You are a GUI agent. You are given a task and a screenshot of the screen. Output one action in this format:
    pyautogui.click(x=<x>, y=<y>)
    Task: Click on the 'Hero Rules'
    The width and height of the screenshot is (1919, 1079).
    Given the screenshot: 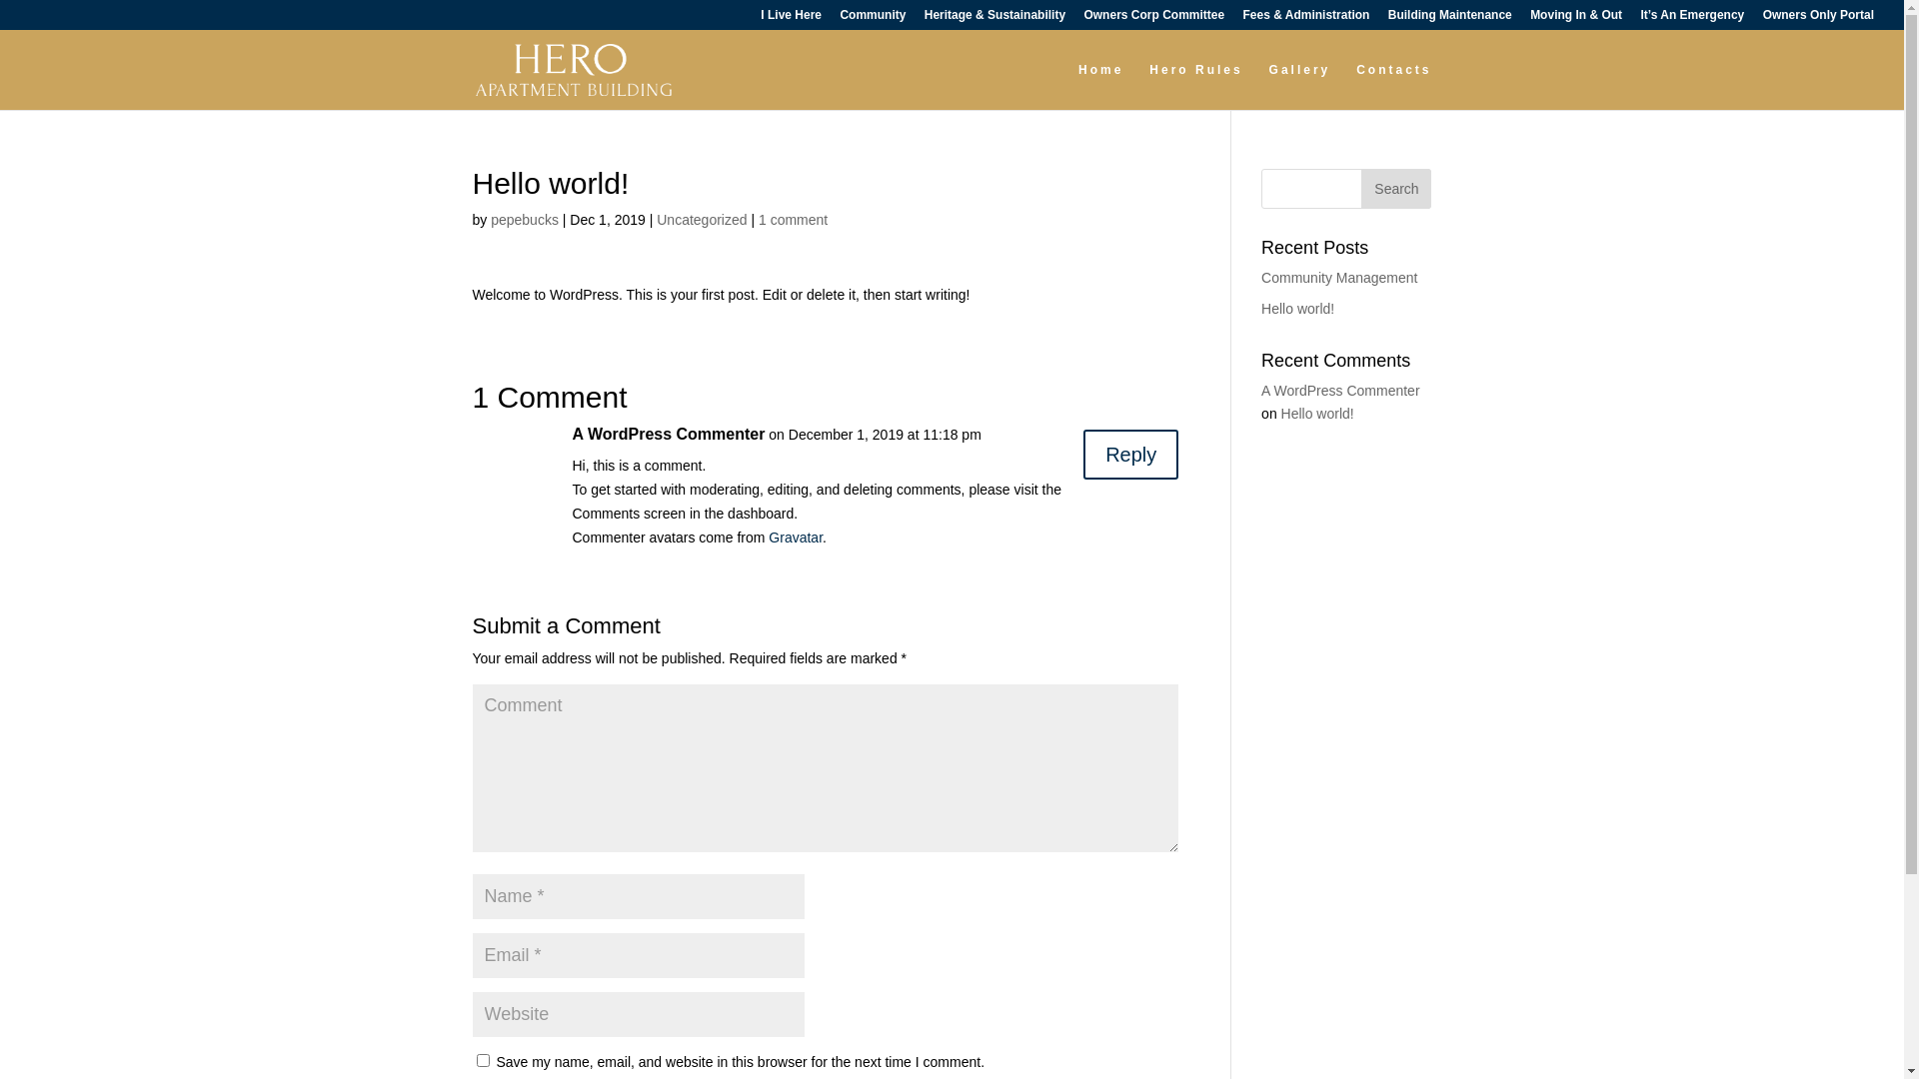 What is the action you would take?
    pyautogui.click(x=1195, y=85)
    